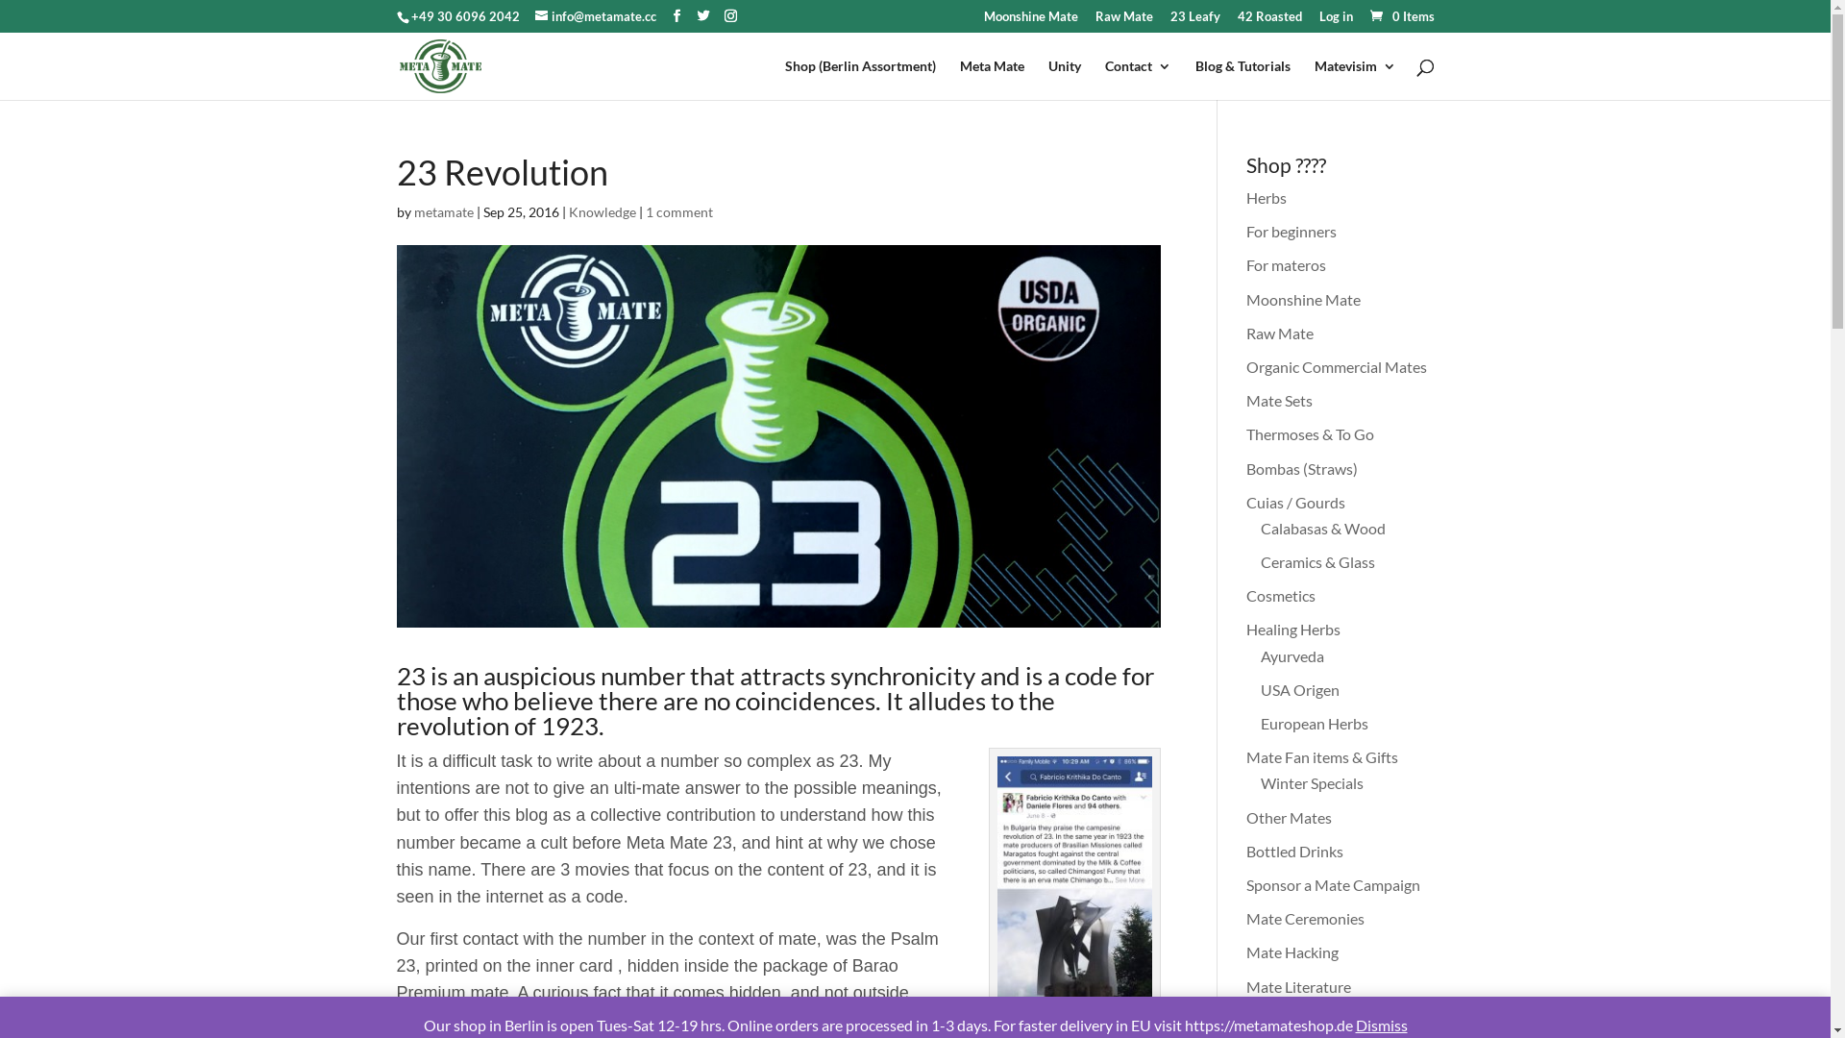 The height and width of the screenshot is (1038, 1845). What do you see at coordinates (1286, 264) in the screenshot?
I see `'For materos'` at bounding box center [1286, 264].